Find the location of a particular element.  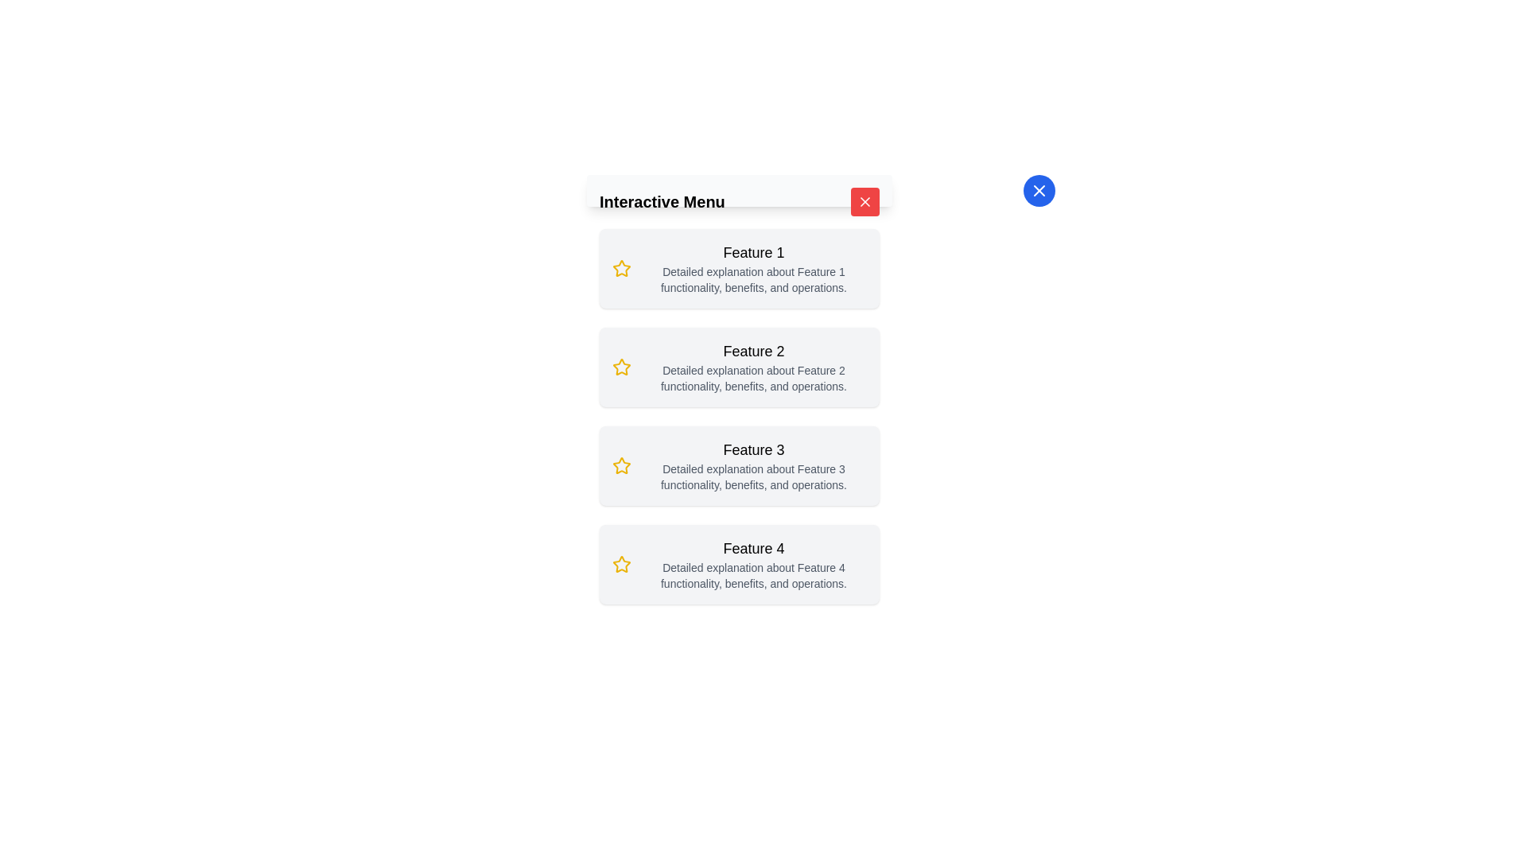

the textual content block titled 'Feature 1', which contains a description about its functionality and is the first entry in the 'Interactive Menu' interface is located at coordinates (753, 268).